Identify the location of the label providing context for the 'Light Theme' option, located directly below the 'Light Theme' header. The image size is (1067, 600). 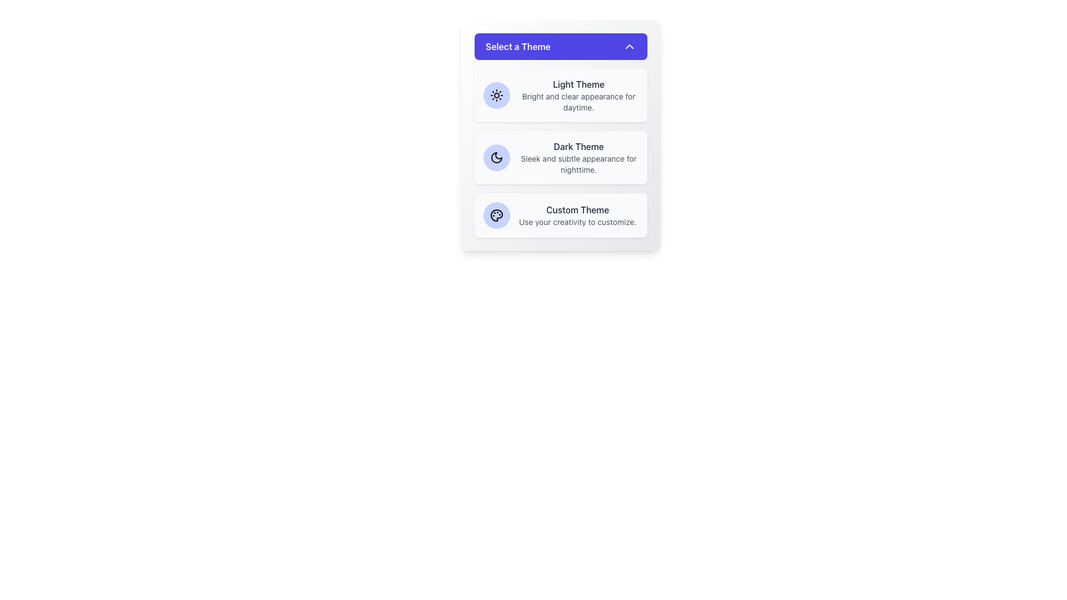
(578, 102).